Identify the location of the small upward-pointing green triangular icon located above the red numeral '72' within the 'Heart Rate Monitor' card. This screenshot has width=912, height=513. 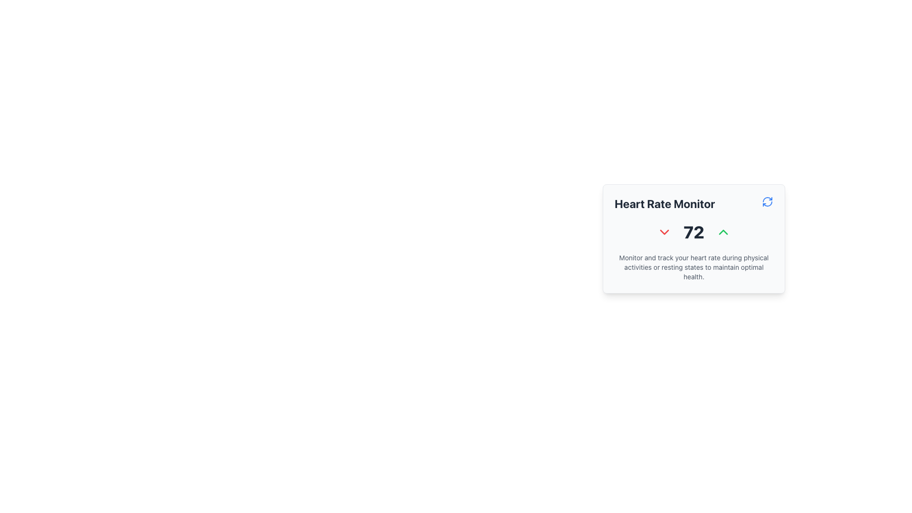
(722, 232).